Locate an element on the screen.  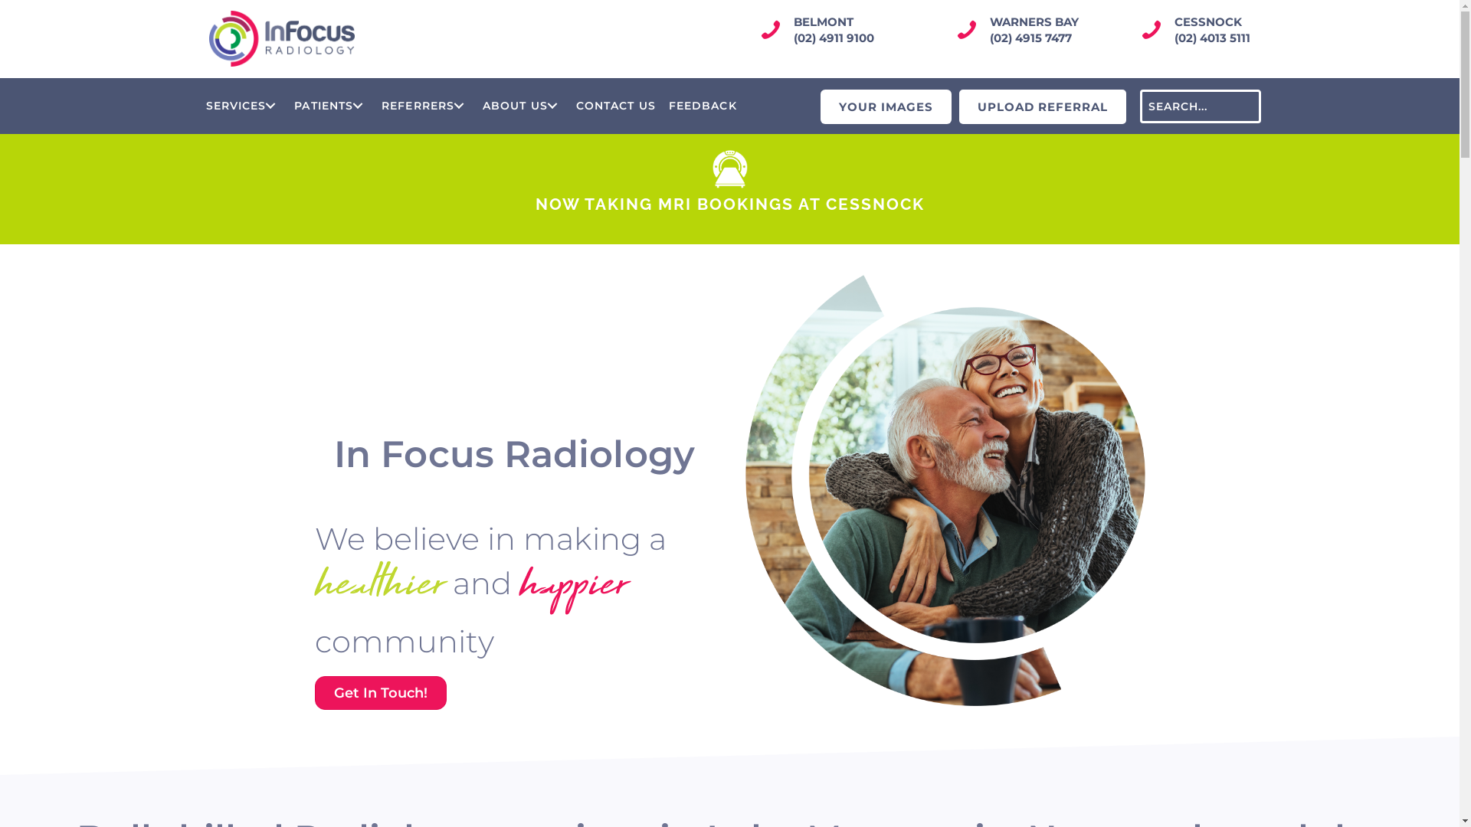
'(02) 4013 5111' is located at coordinates (1211, 37).